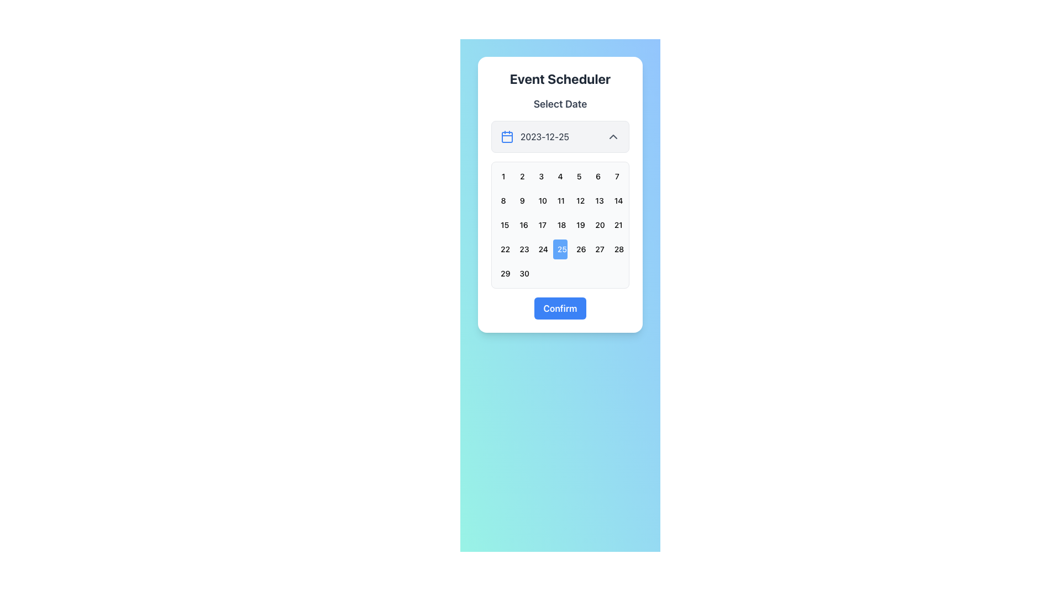 This screenshot has width=1061, height=596. Describe the element at coordinates (579, 176) in the screenshot. I see `the interactive date option button representing the 5th day in the calendar view to activate the hover effect` at that location.